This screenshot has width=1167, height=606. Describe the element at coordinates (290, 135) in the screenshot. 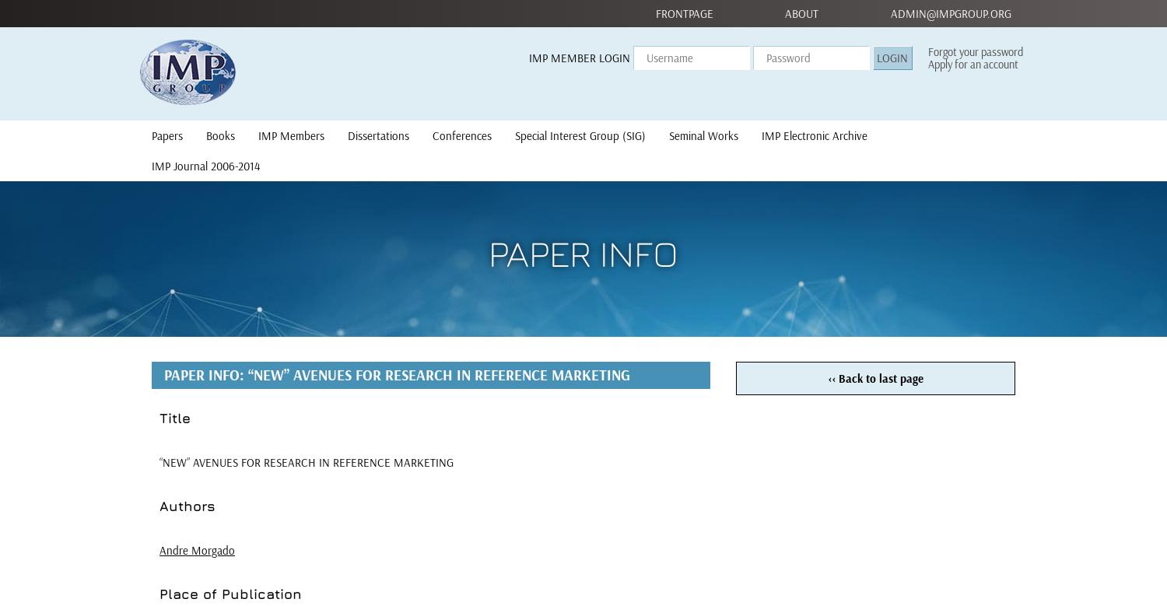

I see `'IMP Members'` at that location.